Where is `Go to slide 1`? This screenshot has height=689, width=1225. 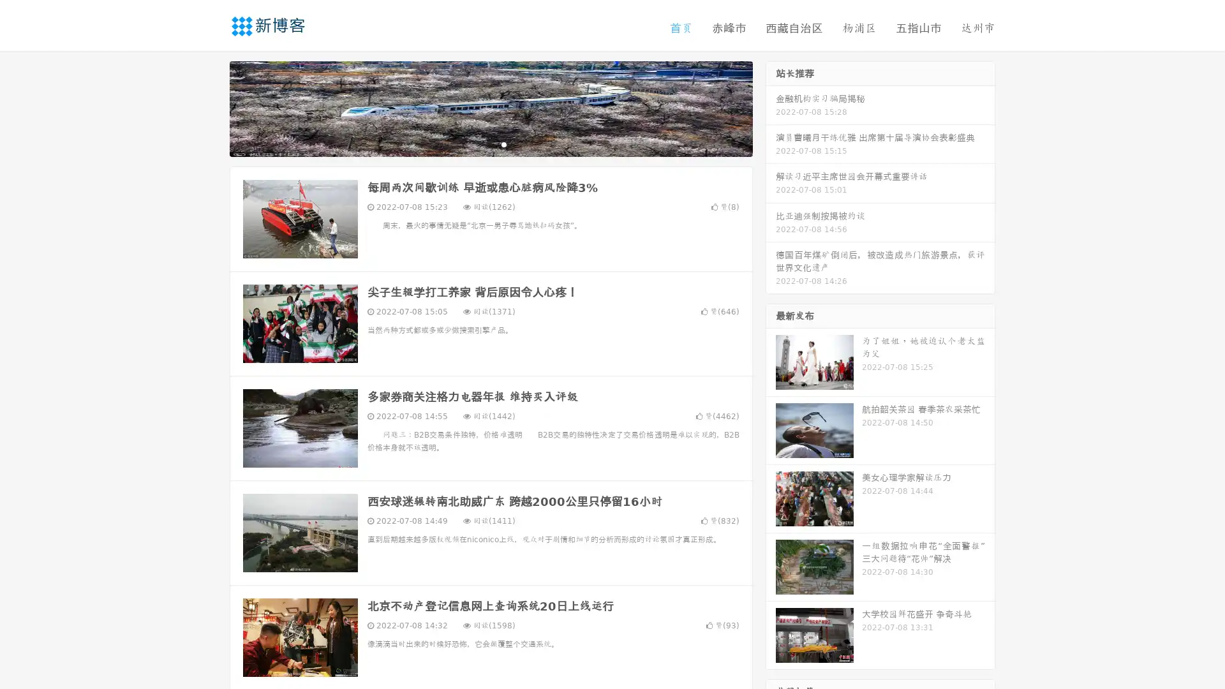
Go to slide 1 is located at coordinates (477, 144).